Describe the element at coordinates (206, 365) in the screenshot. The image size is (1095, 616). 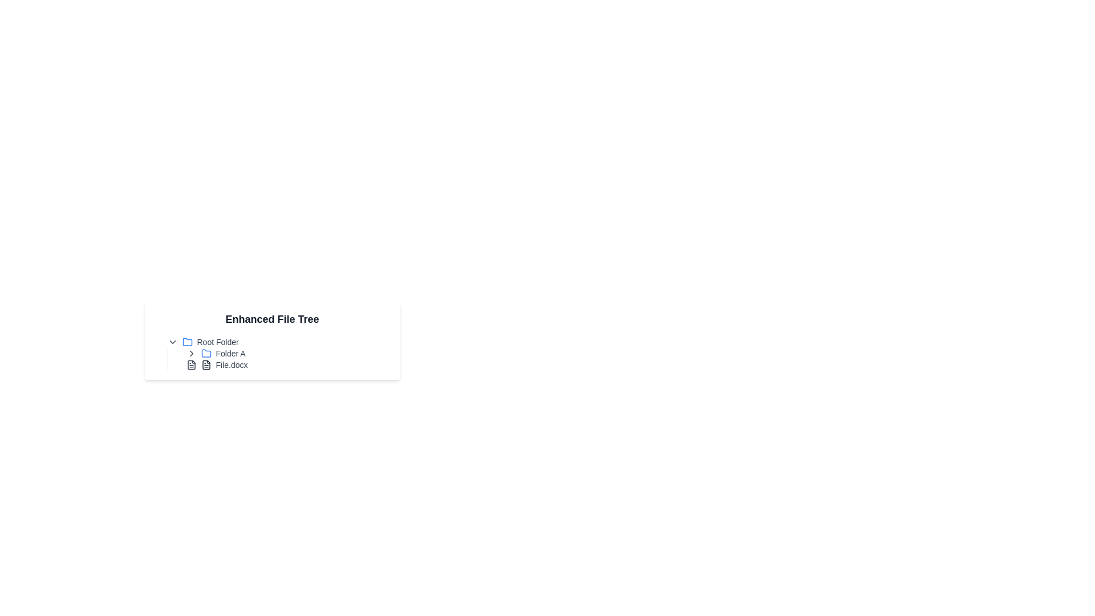
I see `the icon resembling a document with a folded corner next to the label 'File.docx' in the hierarchical file tree interface` at that location.